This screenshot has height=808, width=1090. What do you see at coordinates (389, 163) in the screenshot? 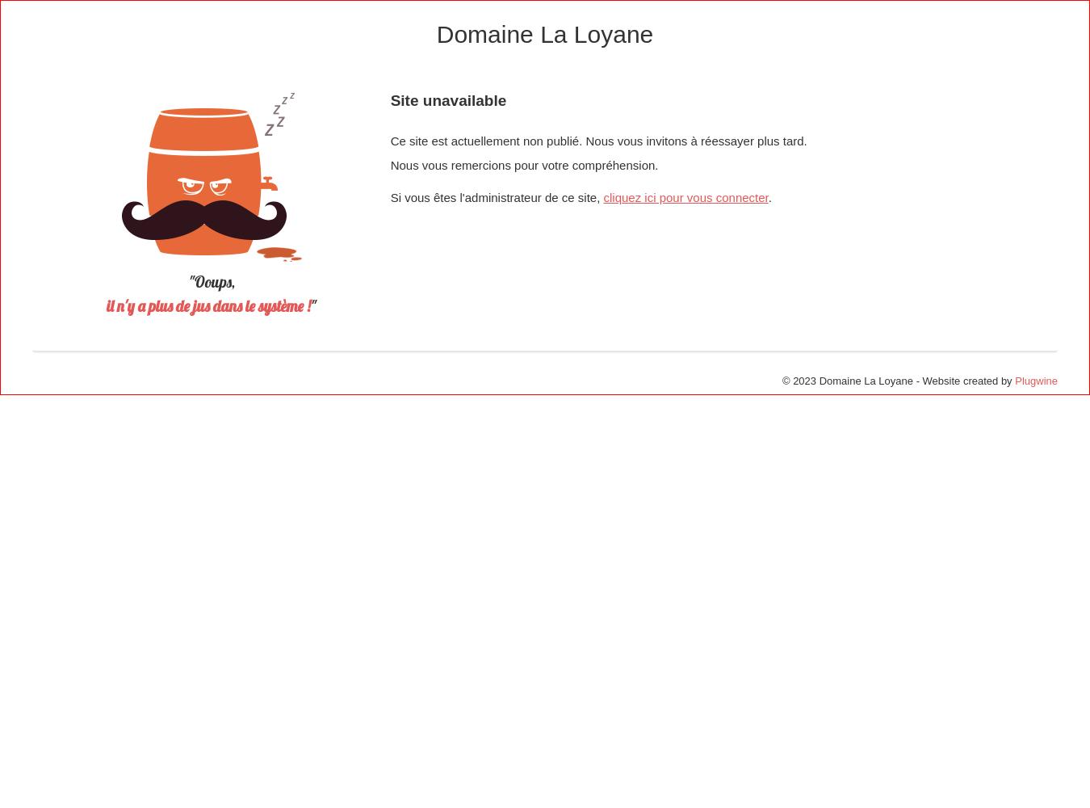
I see `'Nous vous remercions pour votre compréhension.'` at bounding box center [389, 163].